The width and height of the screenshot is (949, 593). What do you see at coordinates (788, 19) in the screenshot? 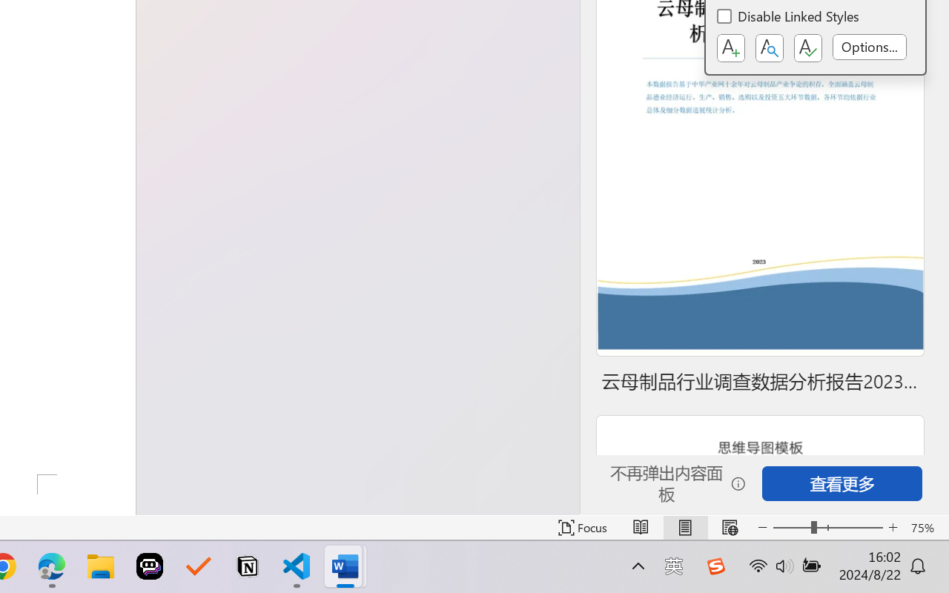
I see `'Disable Linked Styles'` at bounding box center [788, 19].